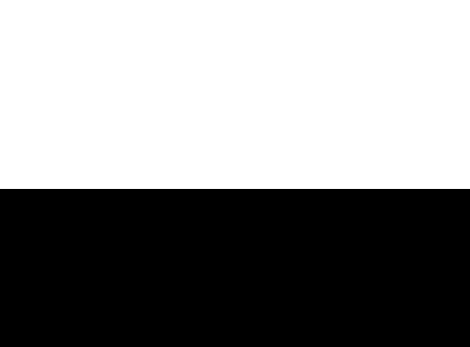 This screenshot has width=470, height=347. What do you see at coordinates (341, 210) in the screenshot?
I see `'About TNW'` at bounding box center [341, 210].